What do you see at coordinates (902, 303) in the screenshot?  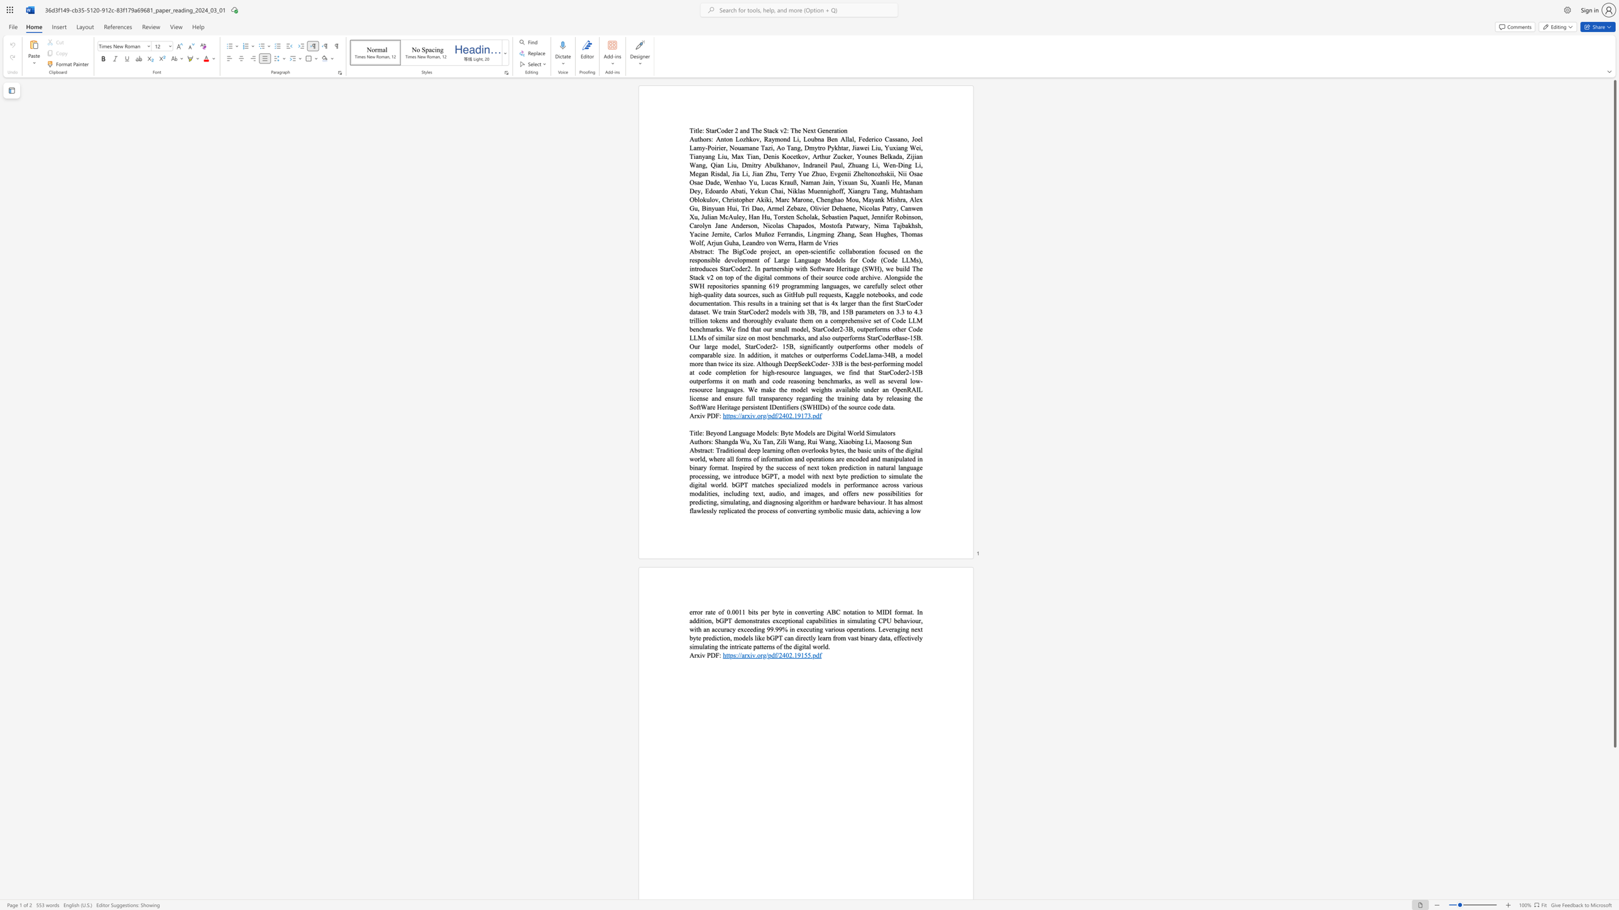 I see `the 31th character "a" in the text` at bounding box center [902, 303].